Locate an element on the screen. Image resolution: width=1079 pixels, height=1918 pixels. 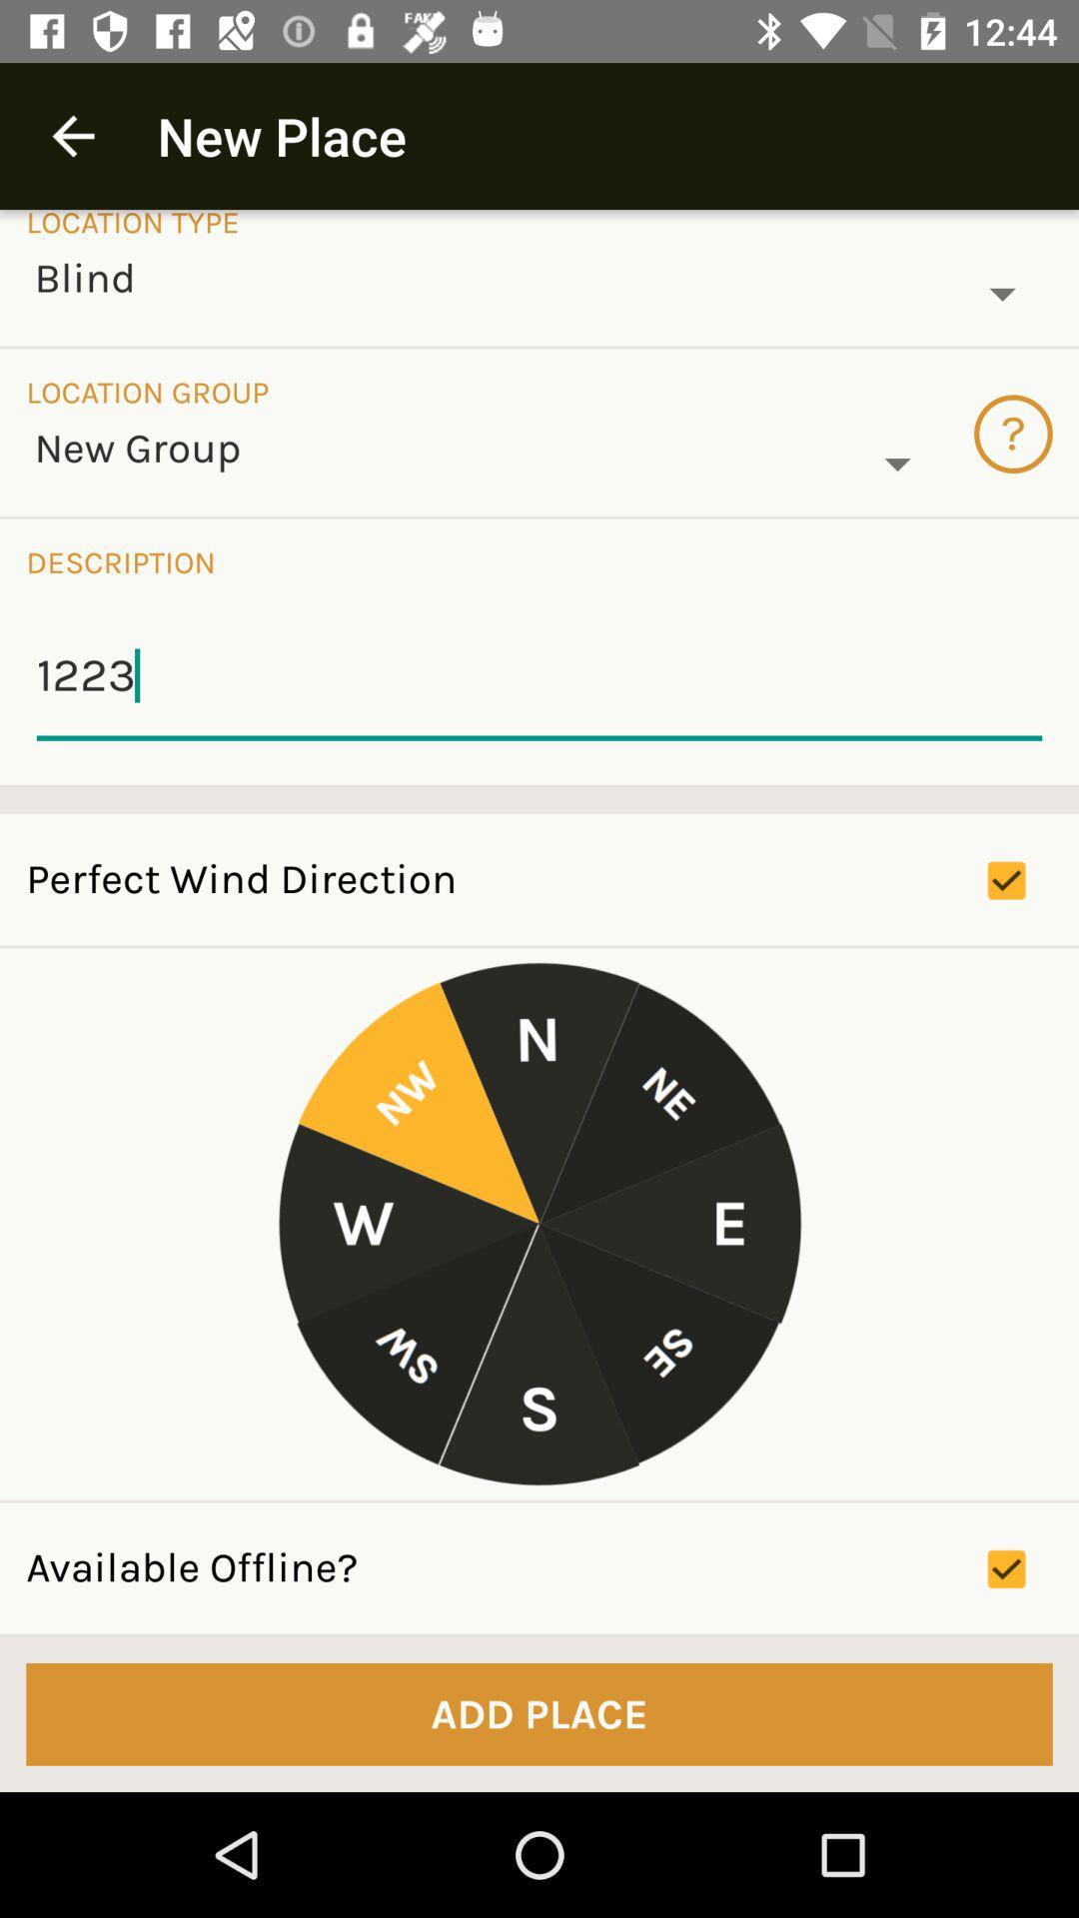
the question mark icon is located at coordinates (1013, 433).